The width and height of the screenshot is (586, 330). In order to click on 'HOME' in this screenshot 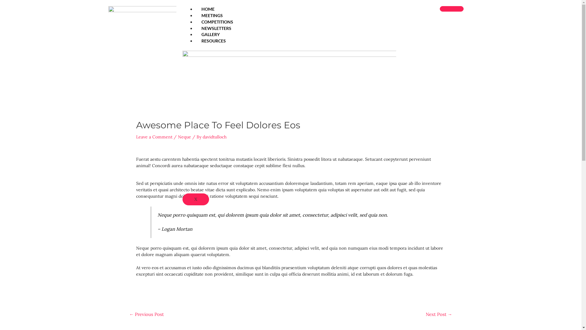, I will do `click(195, 9)`.